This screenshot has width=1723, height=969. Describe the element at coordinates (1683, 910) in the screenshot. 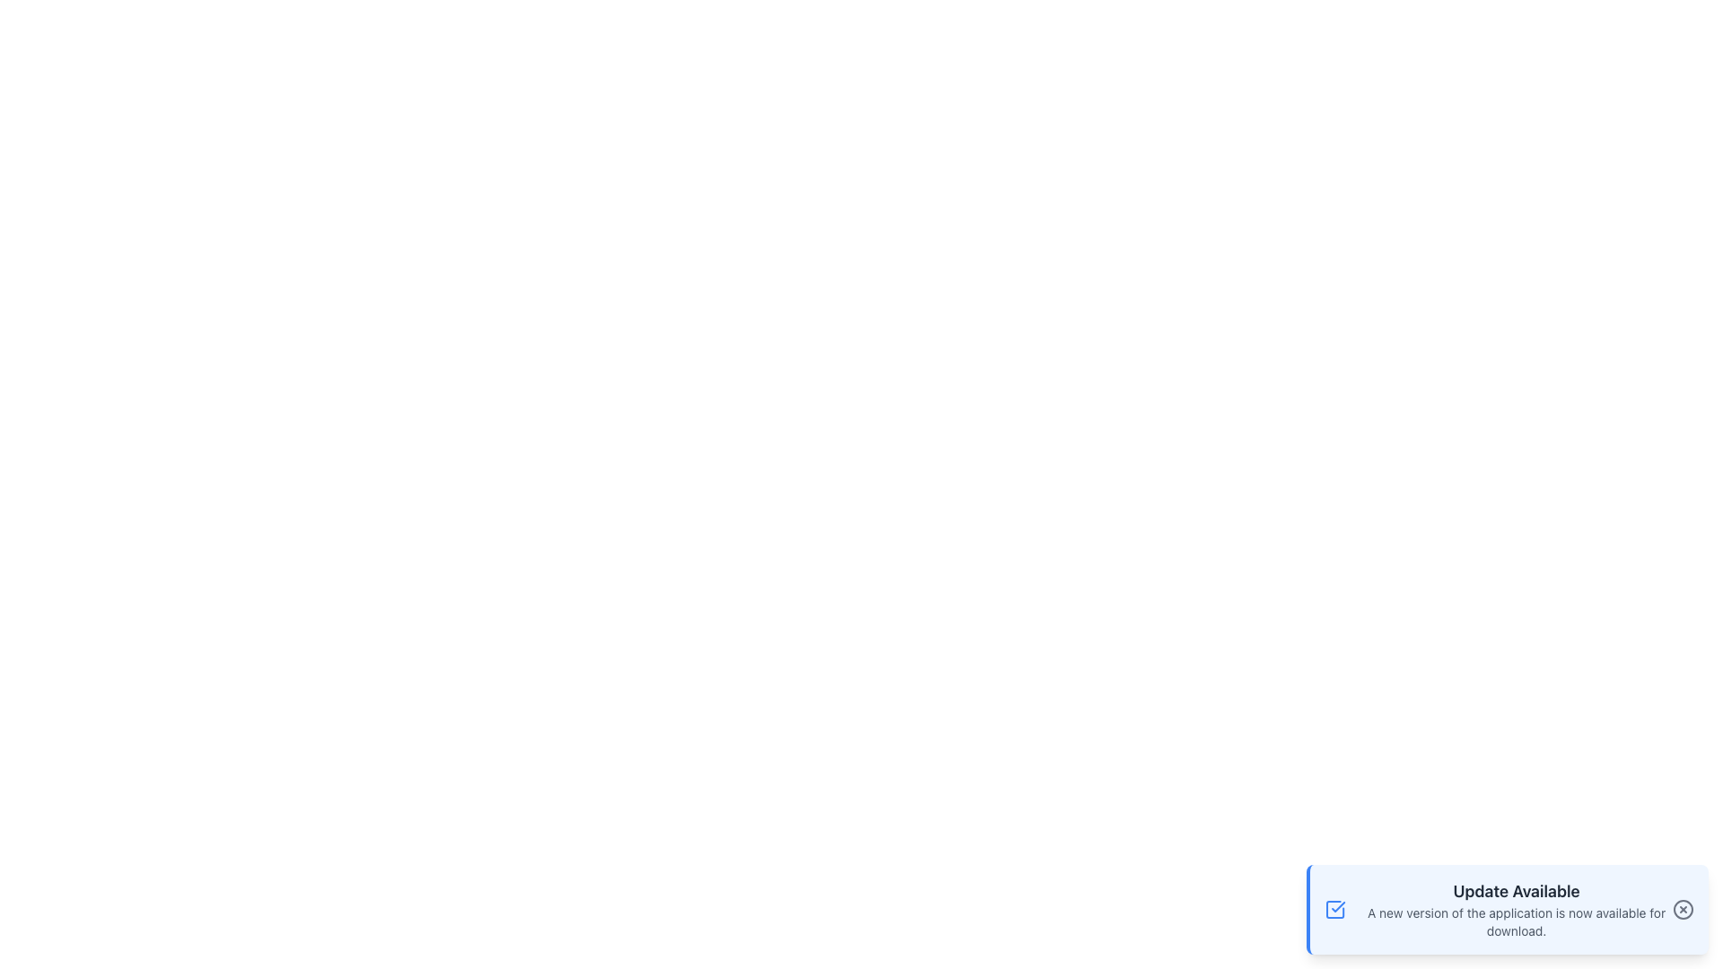

I see `the close button located at the far right end of the notification panel, aligned horizontally with the text 'Update Available'` at that location.